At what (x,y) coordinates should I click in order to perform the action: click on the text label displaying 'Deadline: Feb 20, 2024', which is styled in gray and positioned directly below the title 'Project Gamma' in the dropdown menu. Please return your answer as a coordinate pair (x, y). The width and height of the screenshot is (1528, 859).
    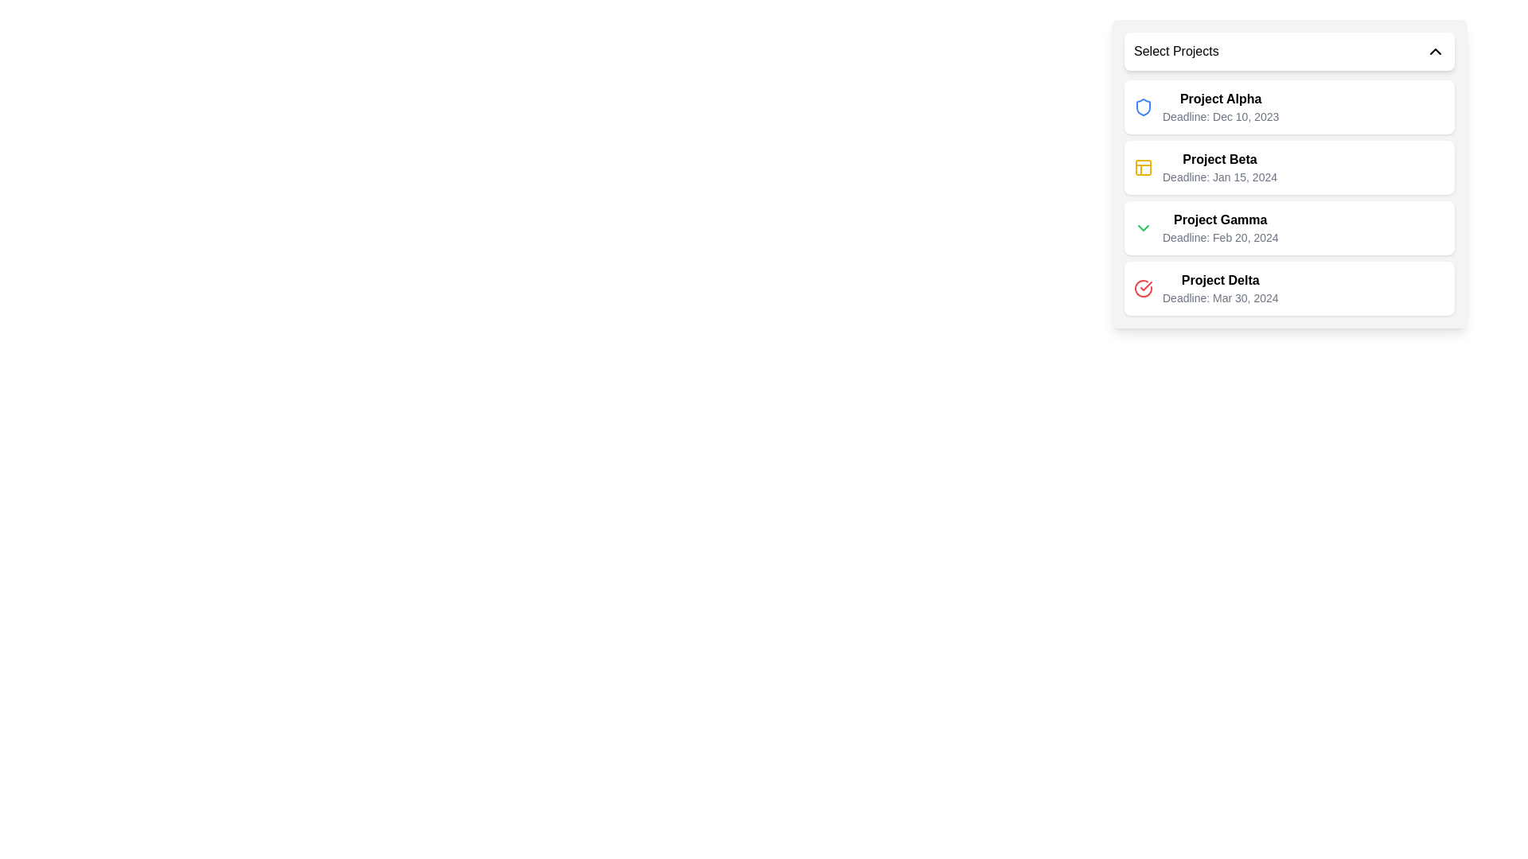
    Looking at the image, I should click on (1219, 238).